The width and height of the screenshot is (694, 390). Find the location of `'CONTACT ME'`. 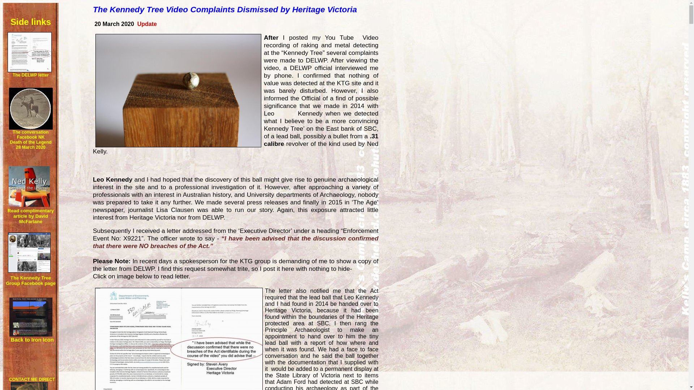

'CONTACT ME' is located at coordinates (23, 379).